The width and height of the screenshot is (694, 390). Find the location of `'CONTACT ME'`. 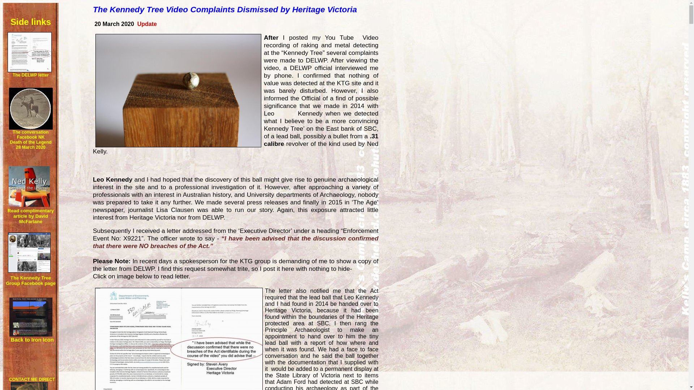

'CONTACT ME' is located at coordinates (23, 379).